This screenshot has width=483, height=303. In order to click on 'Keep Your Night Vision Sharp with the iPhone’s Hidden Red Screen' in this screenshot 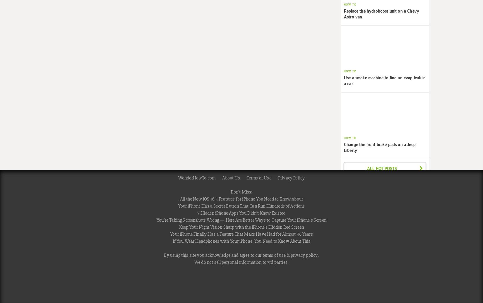, I will do `click(178, 227)`.